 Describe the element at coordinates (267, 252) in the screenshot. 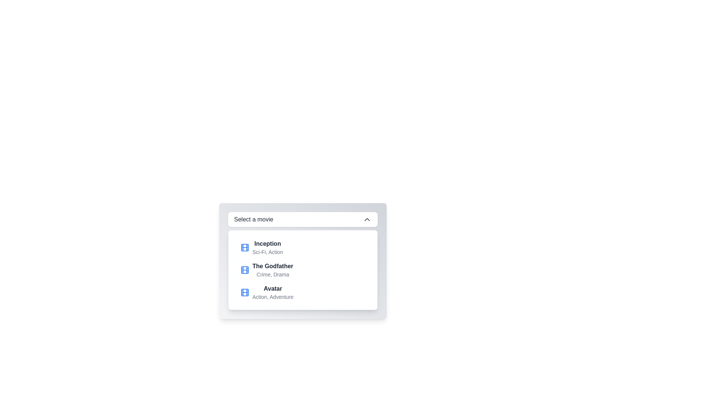

I see `the text label containing 'Sci-Fi, Action' which is located under the movie title 'Inception' in the dropdown menu` at that location.